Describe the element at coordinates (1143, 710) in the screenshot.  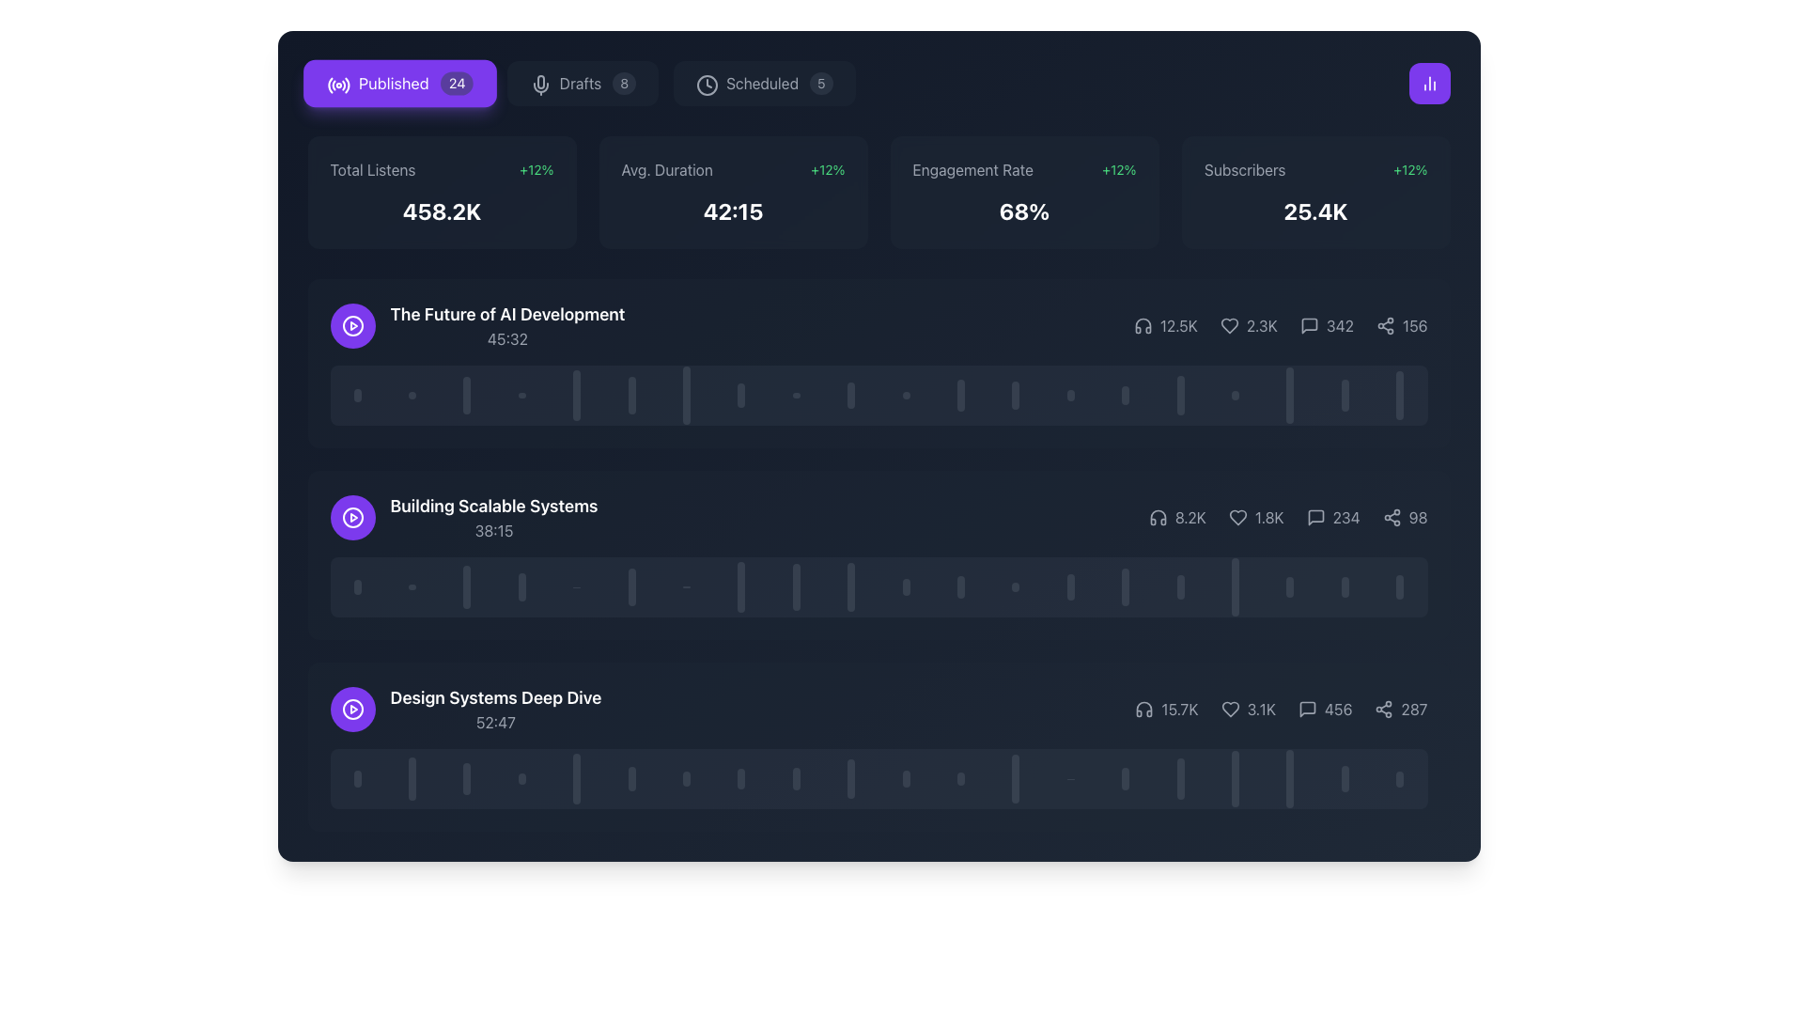
I see `the audio playback icon located in the 'Design Systems Deep Dive' section, which visually indicates listeners or similar metrics` at that location.